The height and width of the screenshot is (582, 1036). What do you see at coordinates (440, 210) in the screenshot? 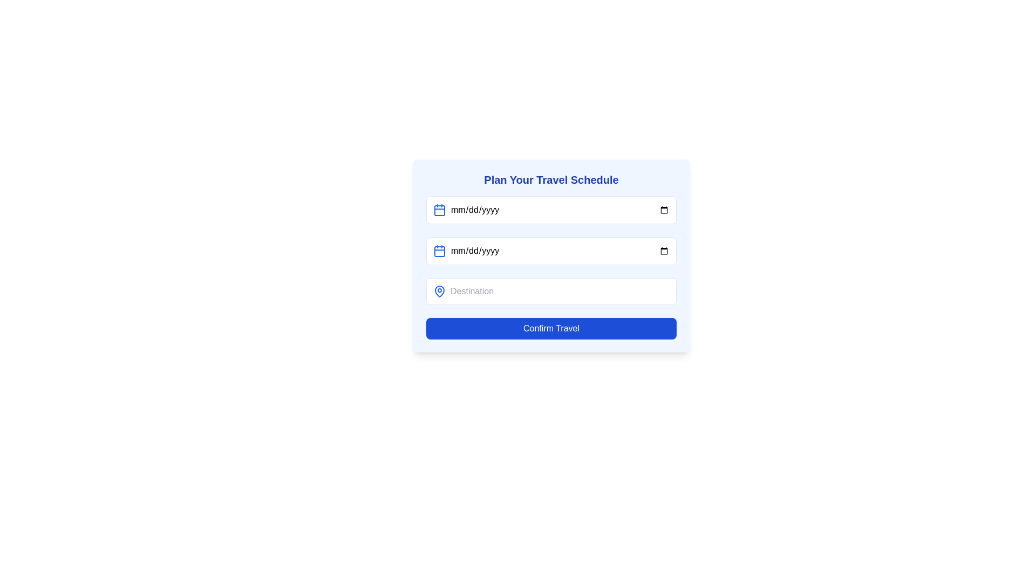
I see `the blue calendar icon representing the date-picker in the form, located to the left of the first input field` at bounding box center [440, 210].